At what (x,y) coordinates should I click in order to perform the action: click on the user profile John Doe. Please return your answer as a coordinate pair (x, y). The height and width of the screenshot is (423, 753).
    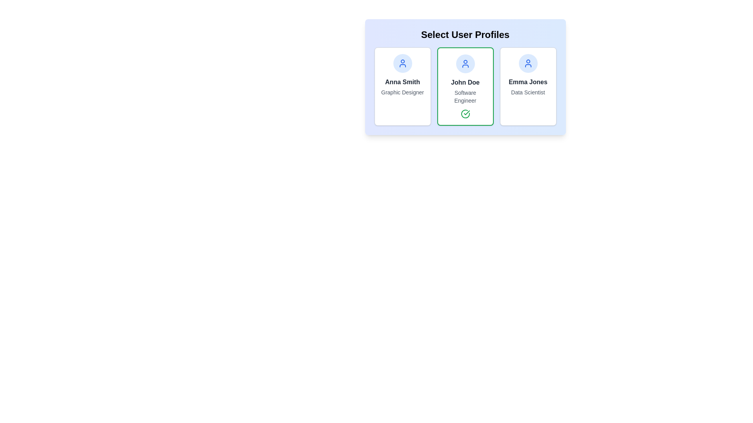
    Looking at the image, I should click on (465, 86).